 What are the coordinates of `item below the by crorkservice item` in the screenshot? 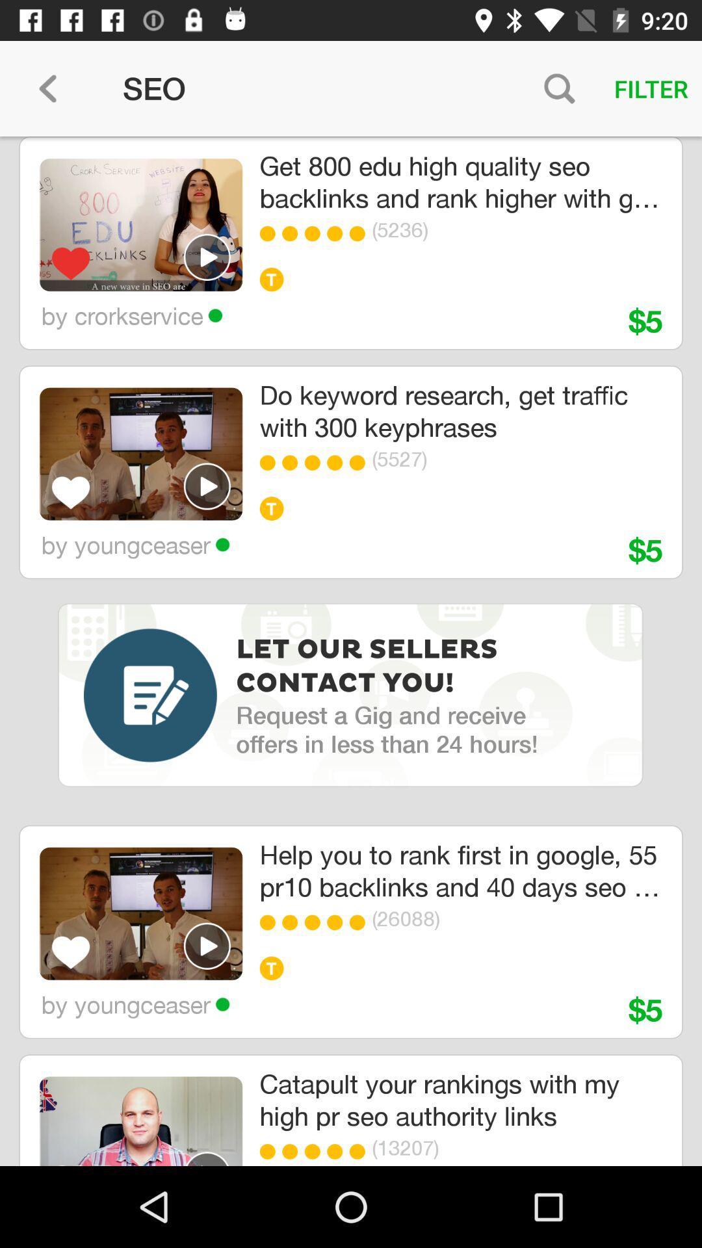 It's located at (141, 454).